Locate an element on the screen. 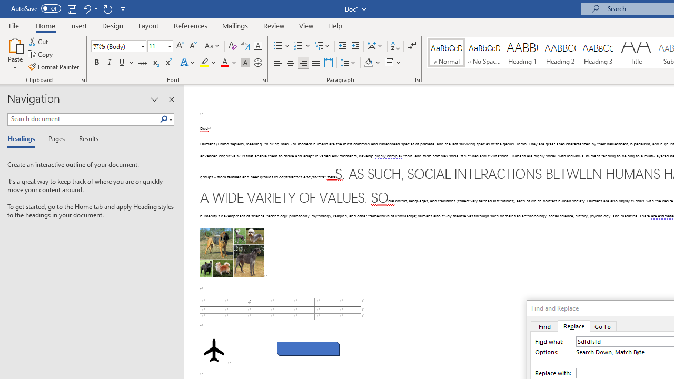  'Font' is located at coordinates (118, 45).